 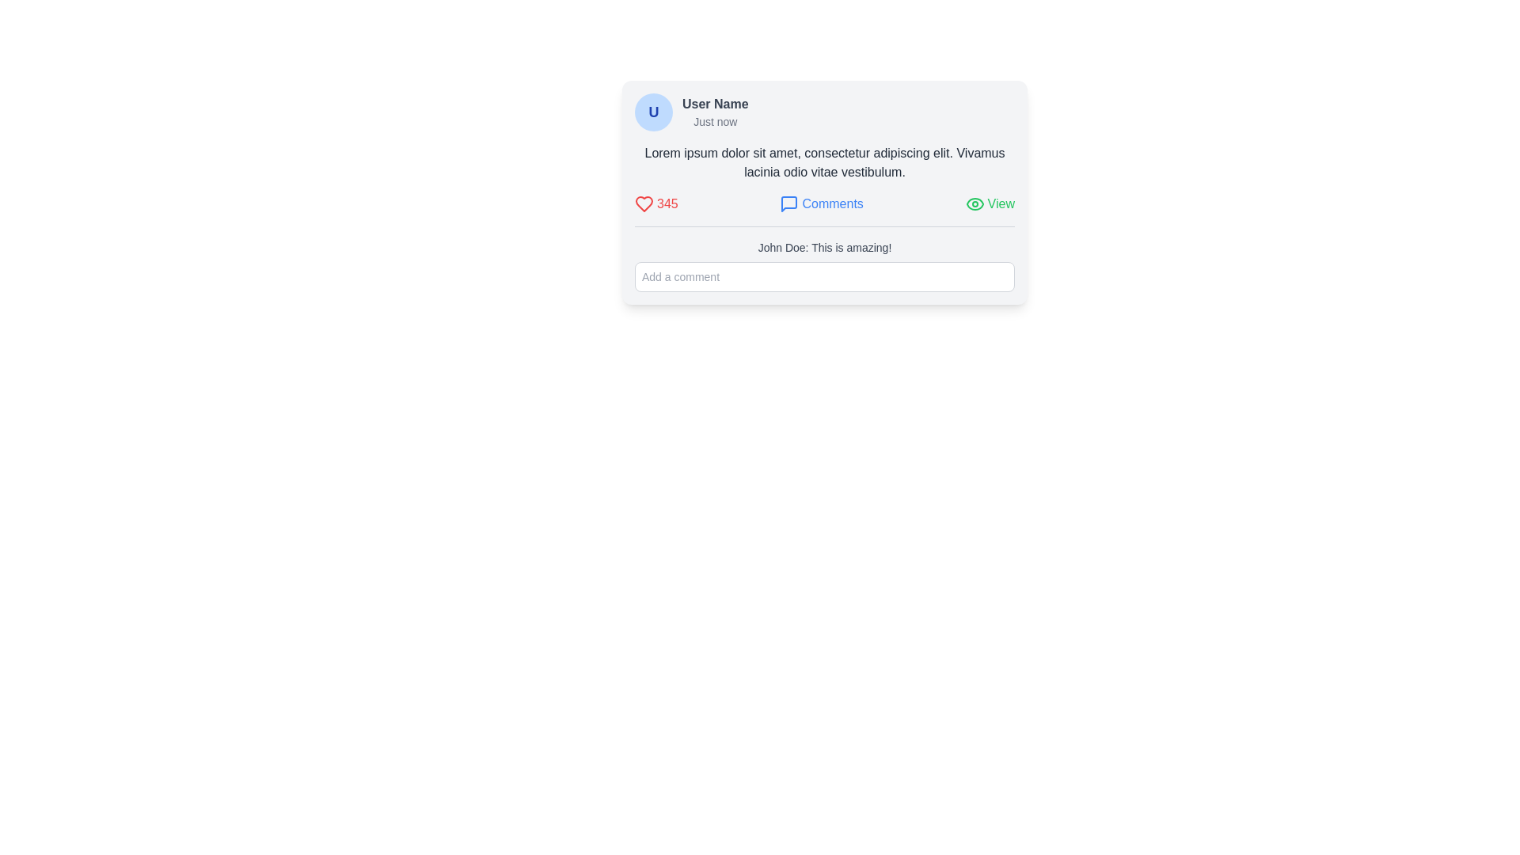 I want to click on the Interactive count display element that shows a red heart icon followed by the number '345' in red text, indicating a liking or favoriting feature, so click(x=656, y=203).